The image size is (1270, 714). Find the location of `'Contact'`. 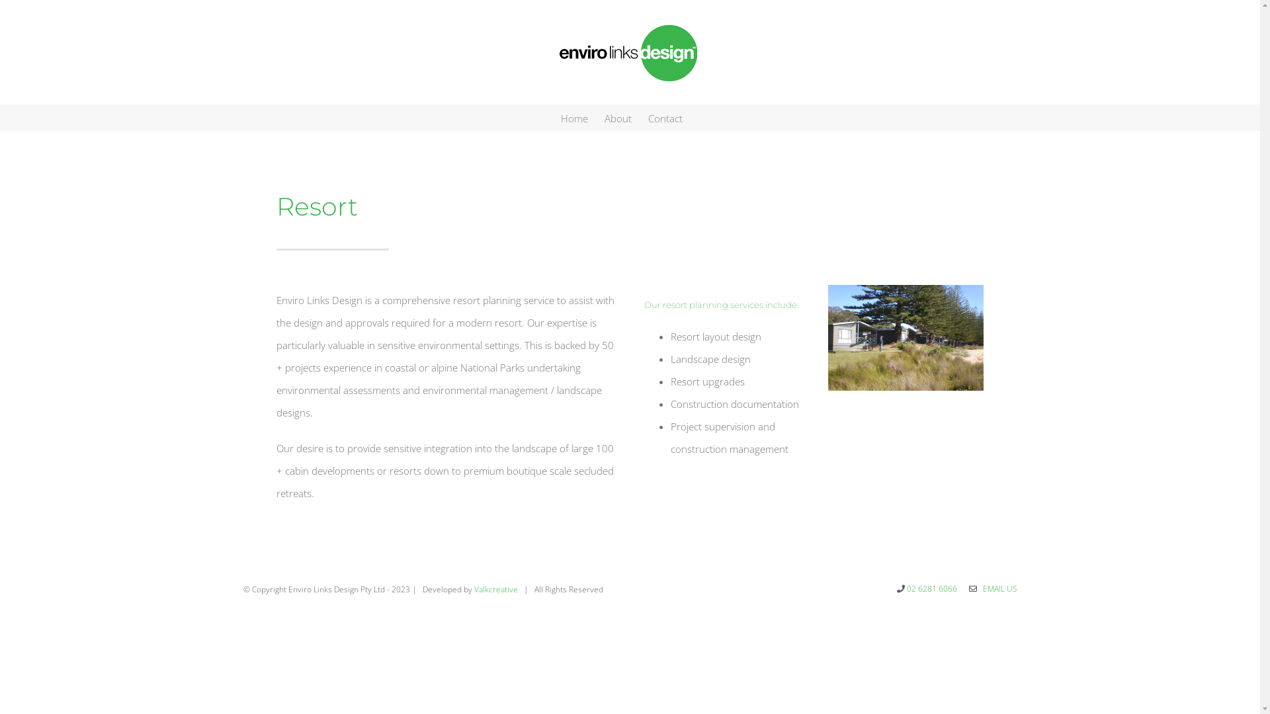

'Contact' is located at coordinates (665, 116).